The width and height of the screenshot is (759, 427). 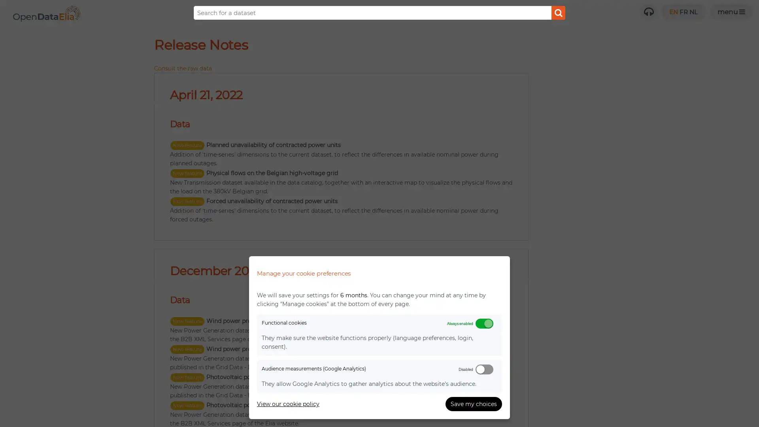 What do you see at coordinates (474, 404) in the screenshot?
I see `Save my choices` at bounding box center [474, 404].